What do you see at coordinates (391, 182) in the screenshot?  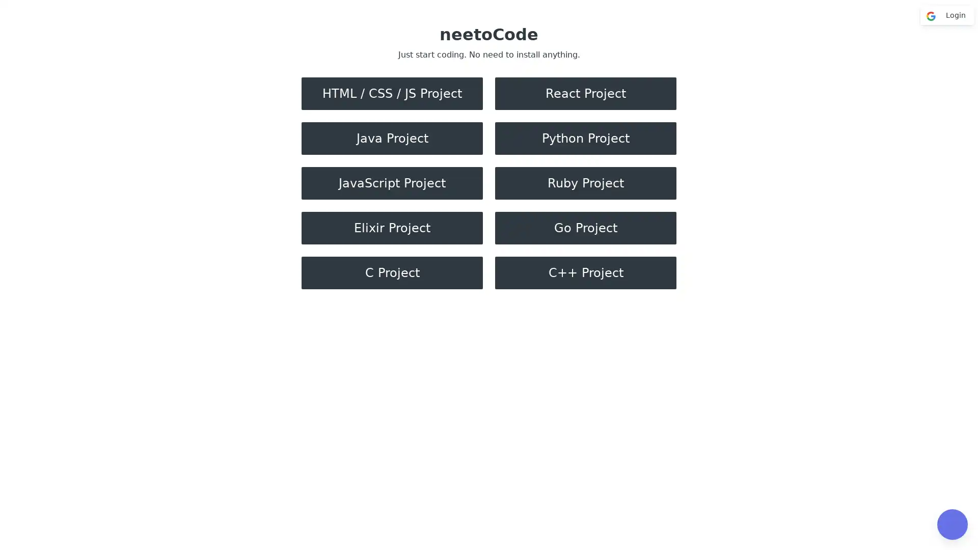 I see `JavaScript Project` at bounding box center [391, 182].